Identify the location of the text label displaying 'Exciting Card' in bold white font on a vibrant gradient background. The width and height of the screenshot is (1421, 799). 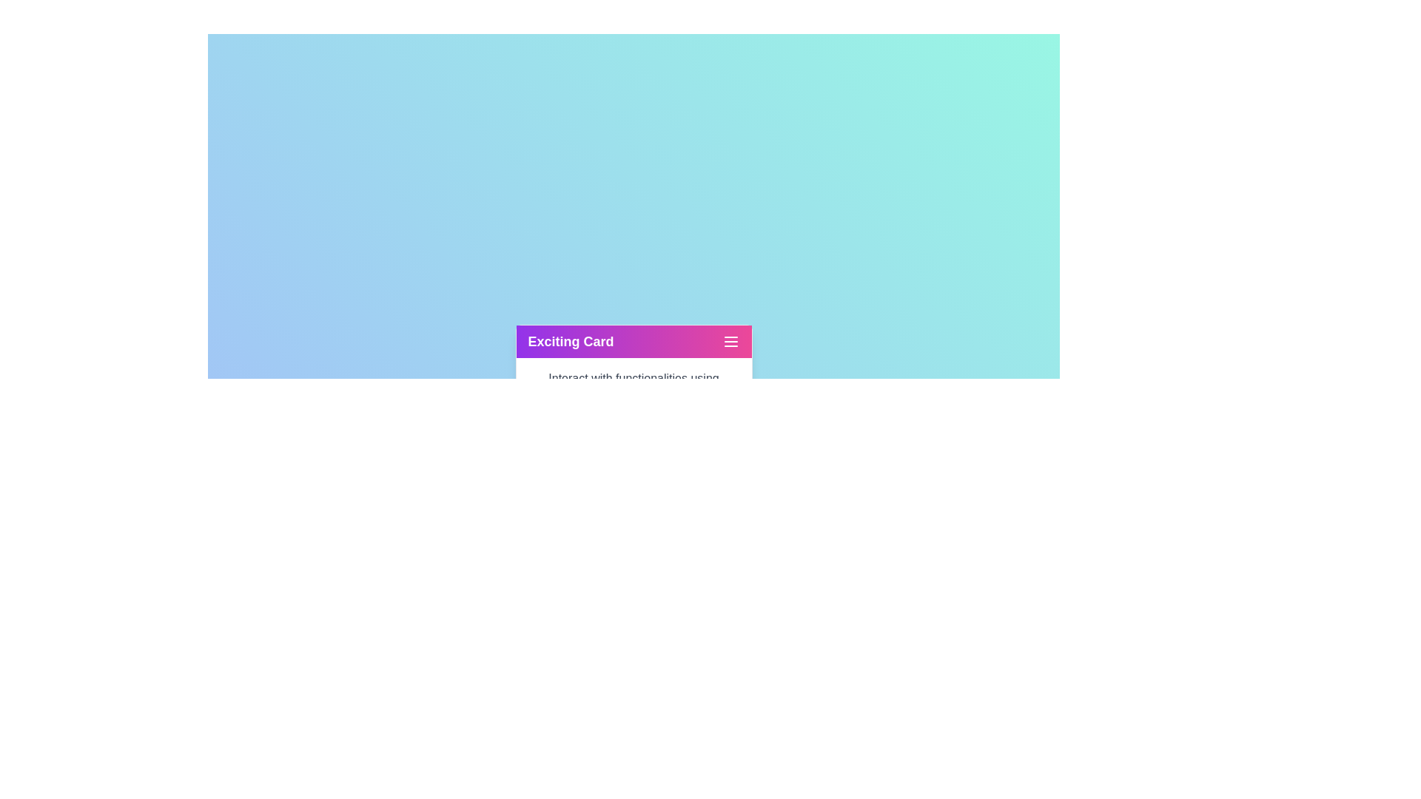
(570, 342).